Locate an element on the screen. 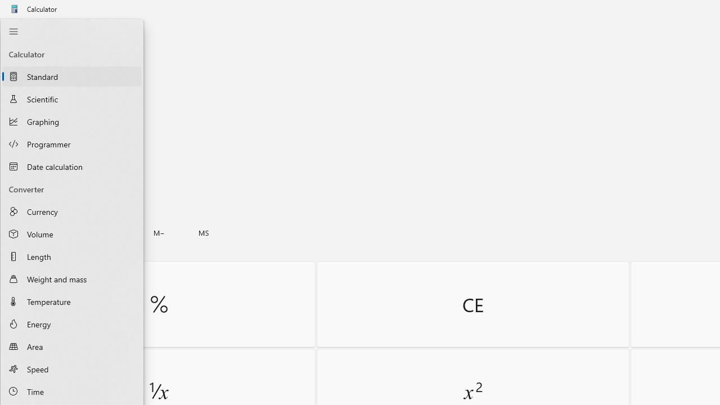 The height and width of the screenshot is (405, 720). 'Currency Converter' is located at coordinates (71, 211).